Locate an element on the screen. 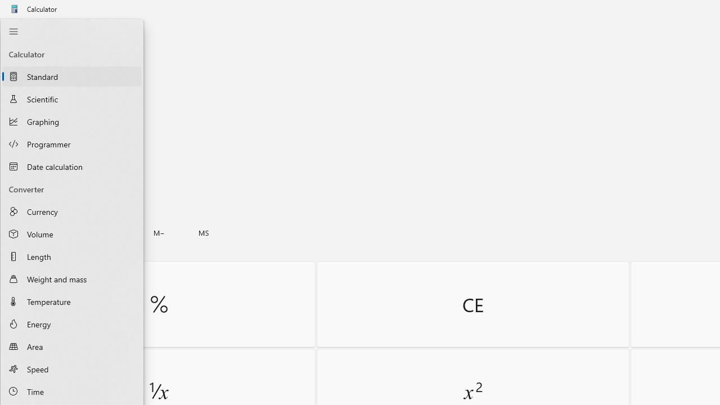 The height and width of the screenshot is (405, 720). 'Currency Converter' is located at coordinates (71, 211).